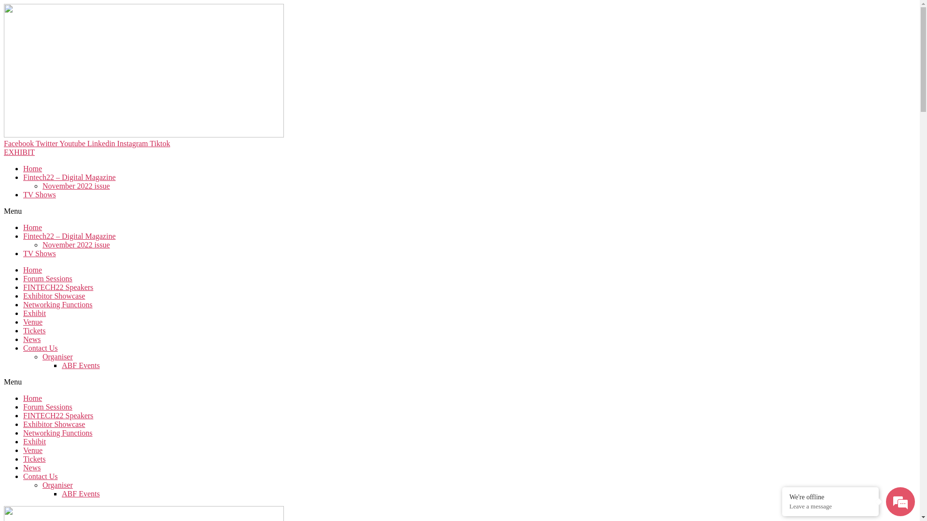  I want to click on 'Instagram', so click(133, 143).